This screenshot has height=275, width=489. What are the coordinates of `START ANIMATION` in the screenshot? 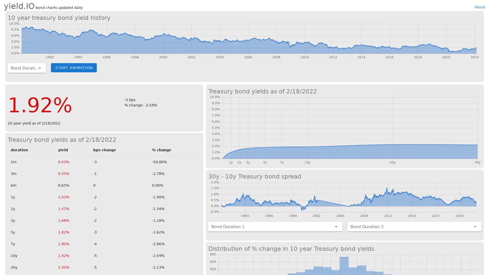 It's located at (73, 67).